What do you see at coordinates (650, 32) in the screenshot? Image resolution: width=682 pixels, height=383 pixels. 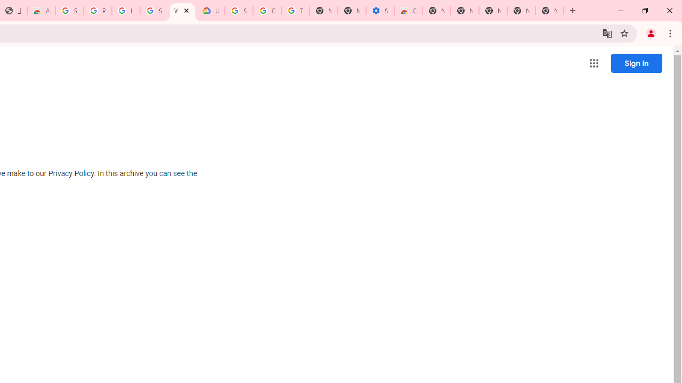 I see `'You'` at bounding box center [650, 32].